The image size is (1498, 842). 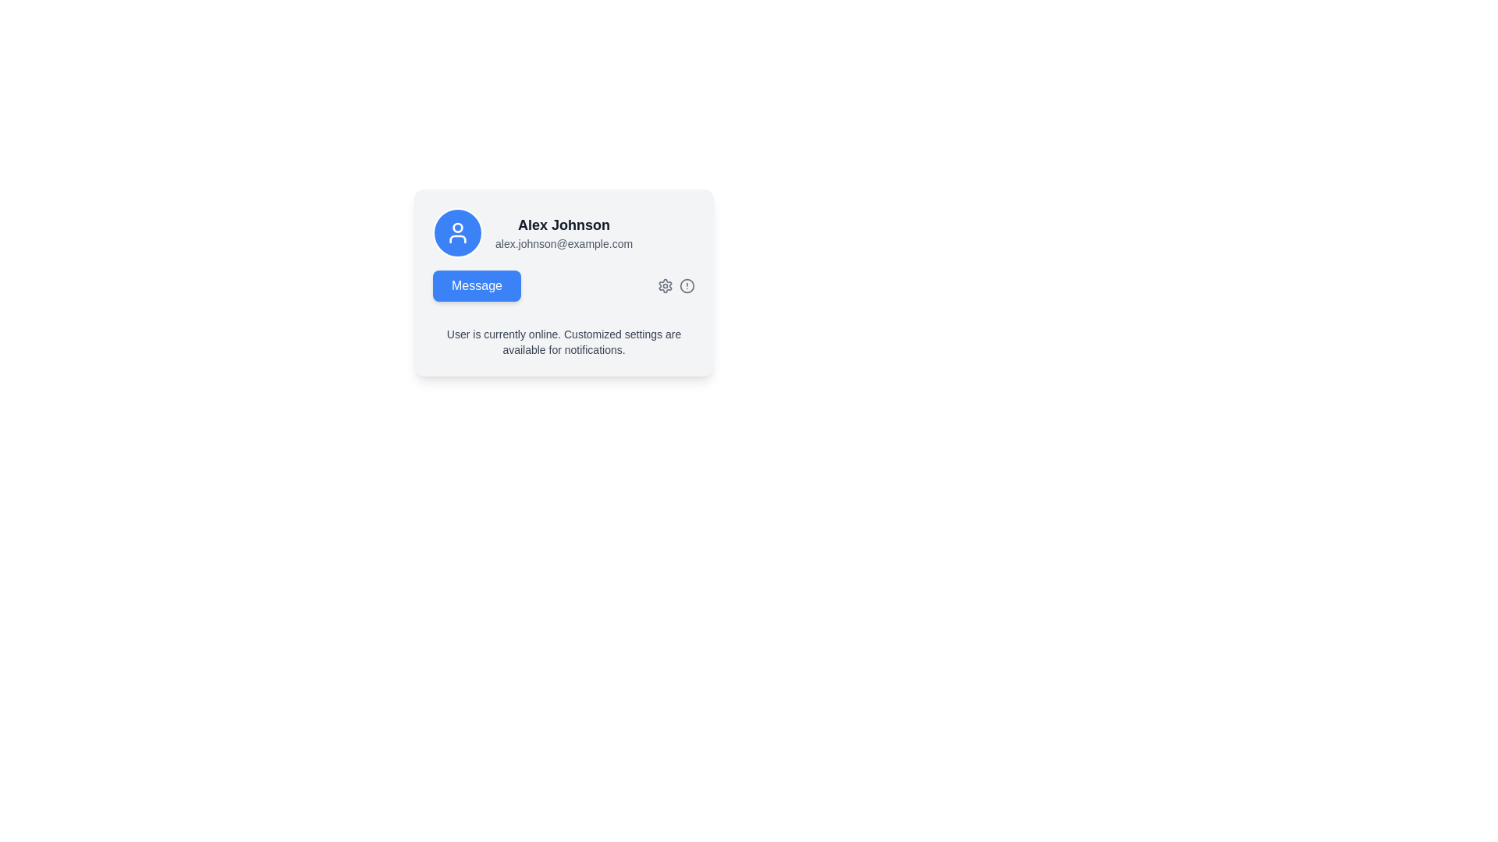 What do you see at coordinates (476, 285) in the screenshot?
I see `the rectangular blue button labeled 'Message'` at bounding box center [476, 285].